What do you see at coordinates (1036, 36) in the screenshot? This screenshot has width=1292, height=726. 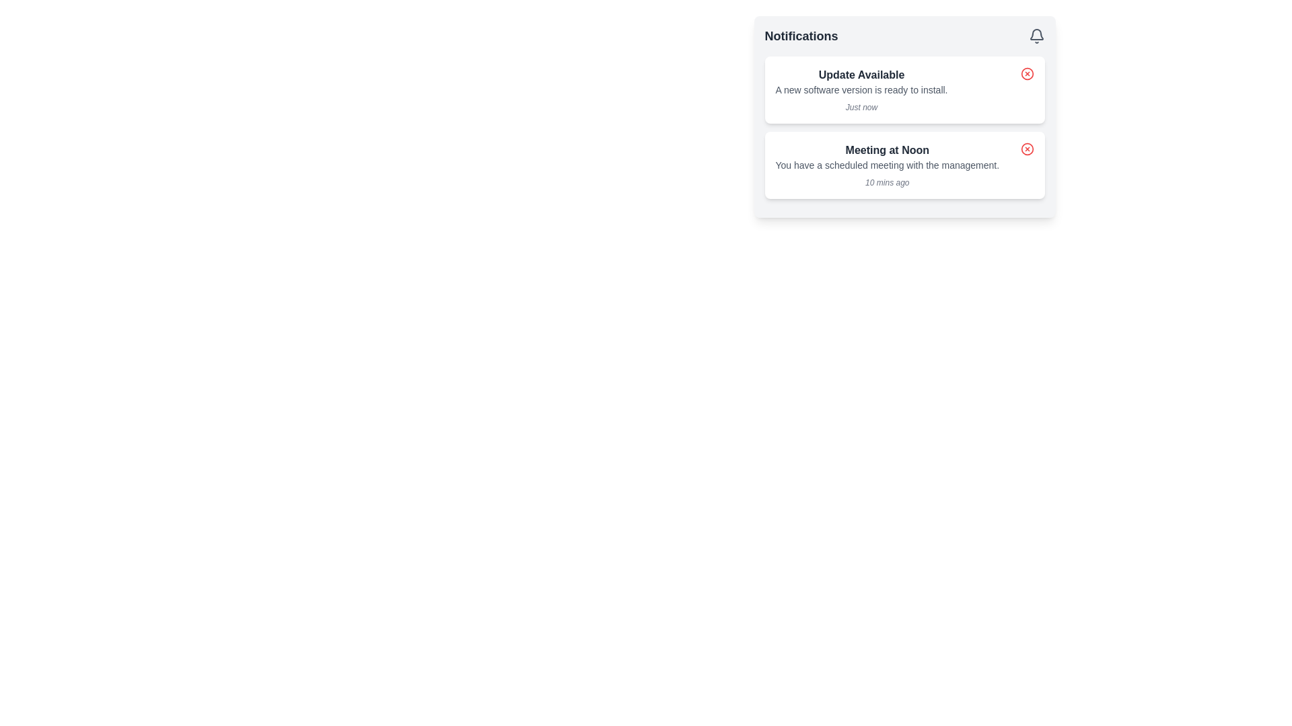 I see `the bell icon located to the far right of the Notifications section header, adjacent to the label text` at bounding box center [1036, 36].